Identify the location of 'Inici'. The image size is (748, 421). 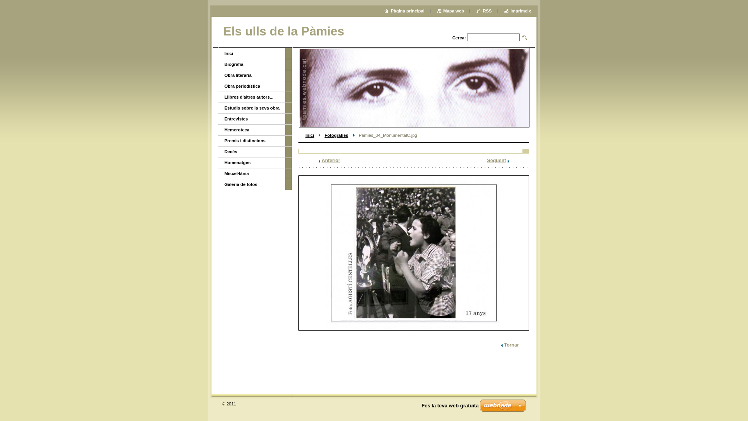
(252, 53).